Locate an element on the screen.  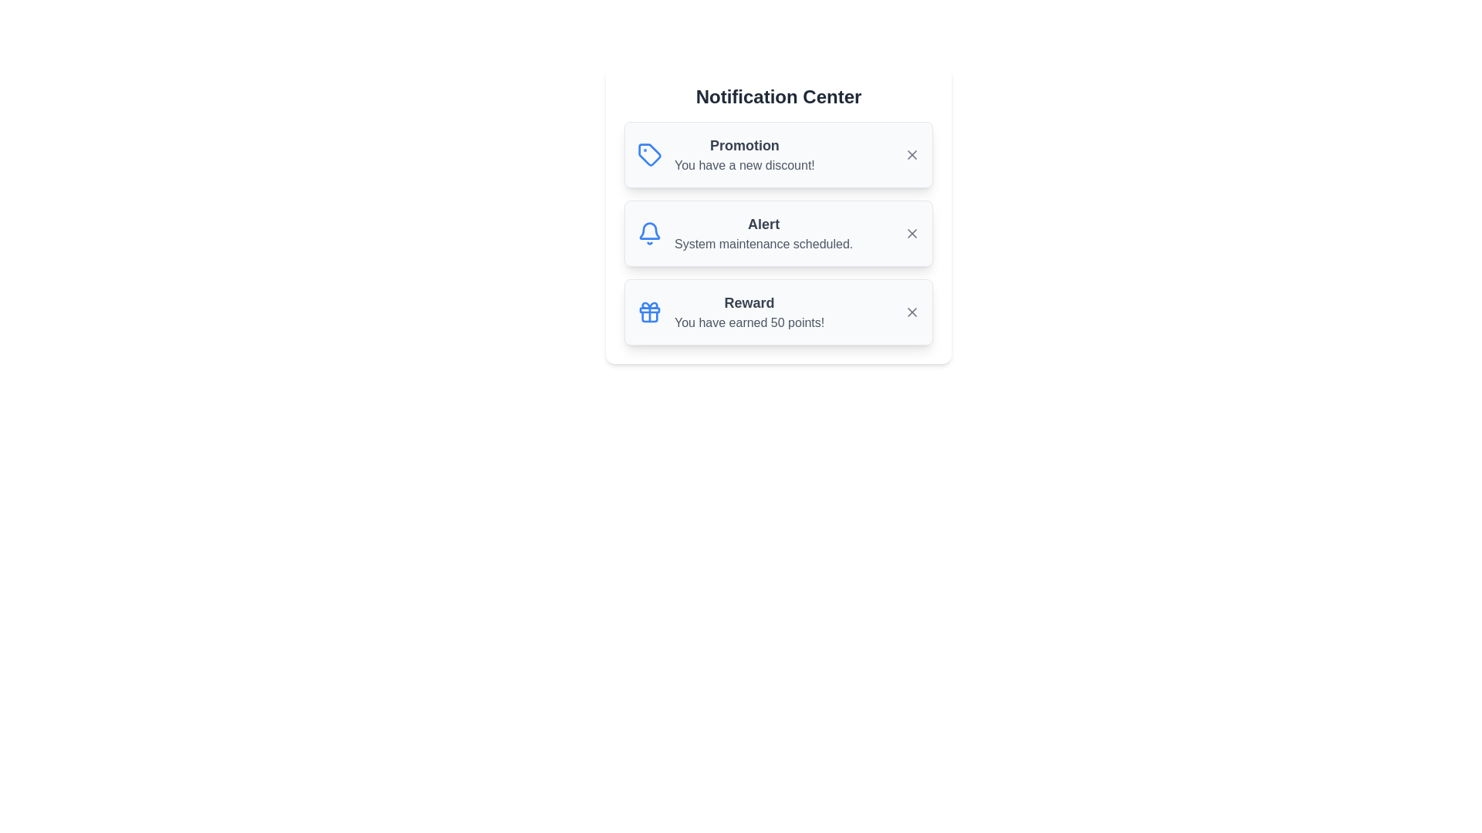
the close button of the 'Reward' notification card at the upper-right corner is located at coordinates (912, 312).